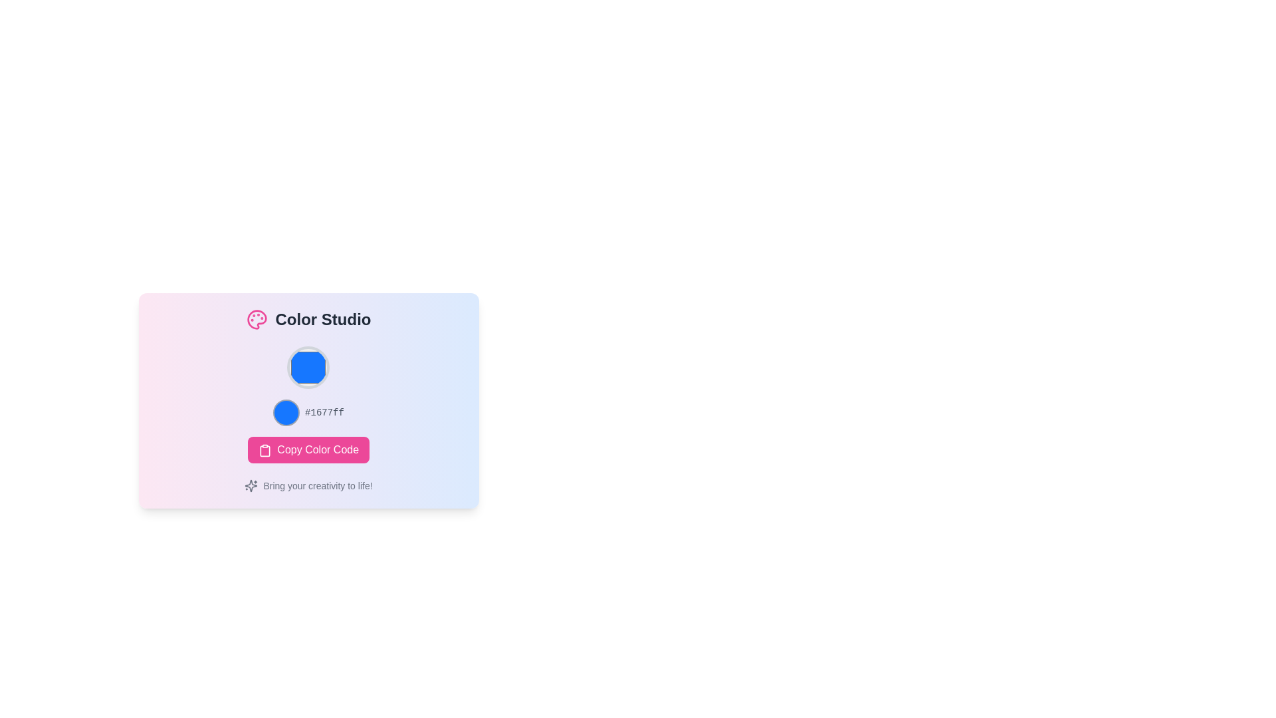  Describe the element at coordinates (308, 449) in the screenshot. I see `the vibrant pink button labeled 'Copy Color Code' with a clipboard icon to copy the color code '#1677ff'` at that location.